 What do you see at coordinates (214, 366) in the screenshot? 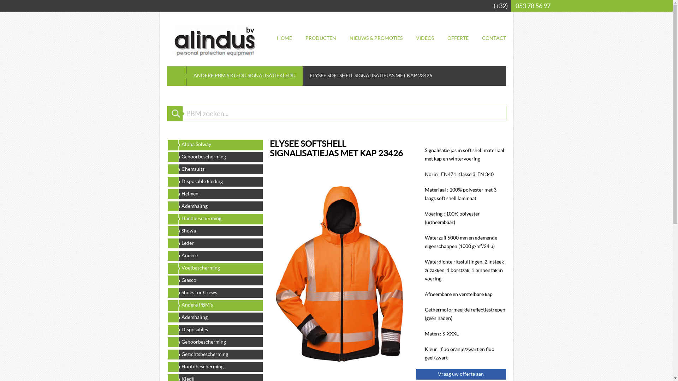
I see `'Hoofdbescherming'` at bounding box center [214, 366].